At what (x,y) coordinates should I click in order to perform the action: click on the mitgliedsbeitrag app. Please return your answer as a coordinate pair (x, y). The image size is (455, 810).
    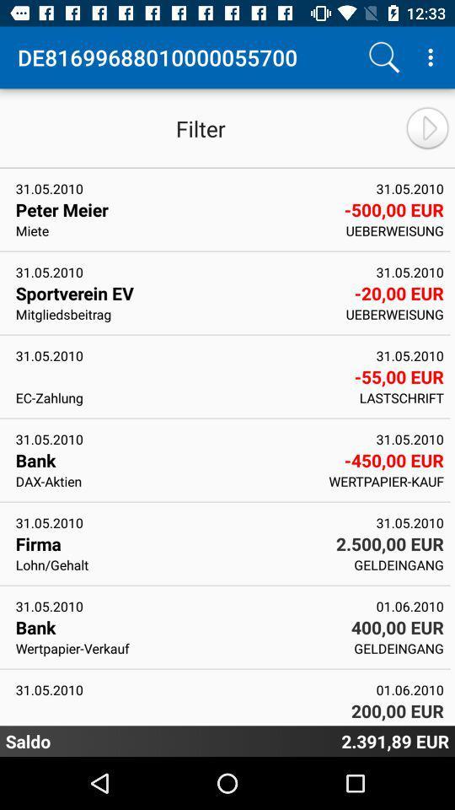
    Looking at the image, I should click on (174, 313).